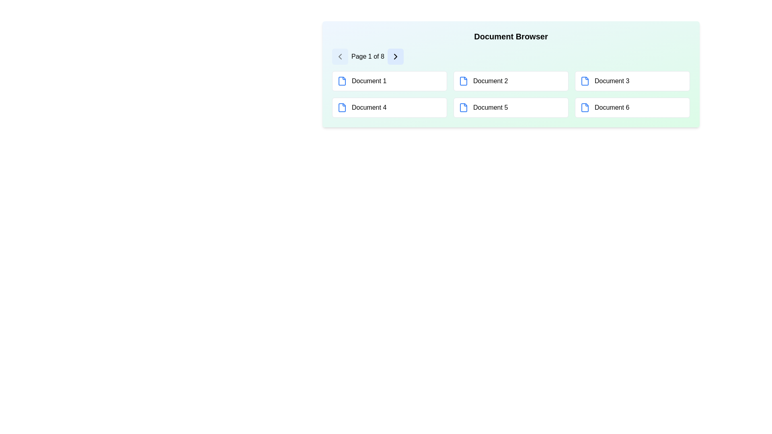  I want to click on the icon representing Document 3, so click(585, 81).